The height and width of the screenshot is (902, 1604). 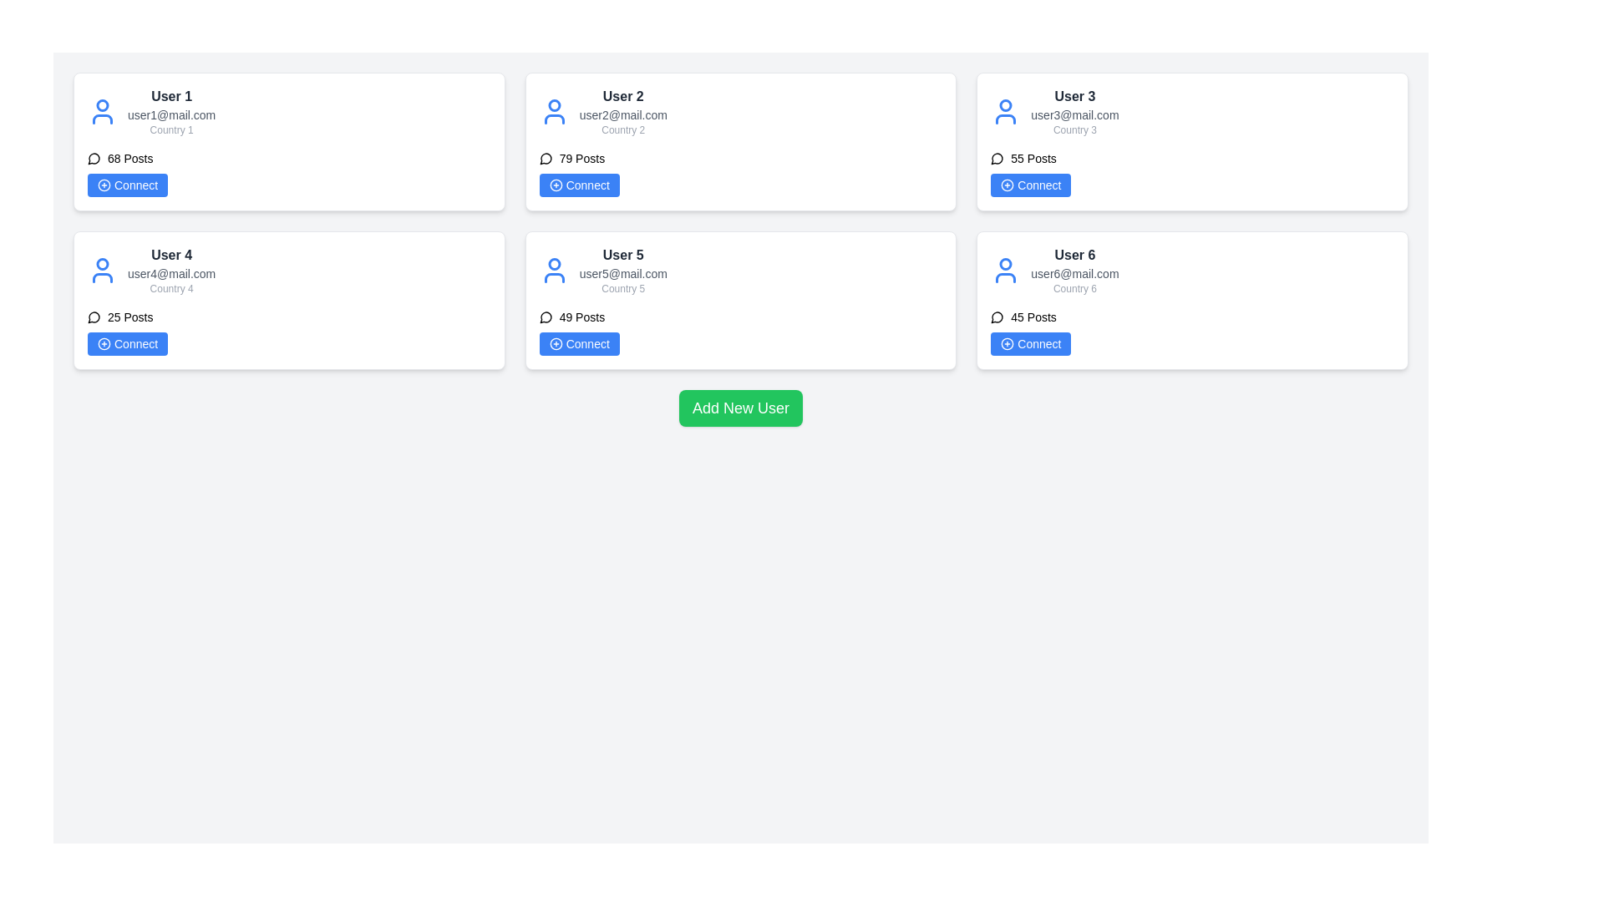 I want to click on the static text component that indicates the number of posts associated with 'User 4' in the second card of the left column, below the title and email address, and above the 'Connect' button, so click(x=129, y=317).